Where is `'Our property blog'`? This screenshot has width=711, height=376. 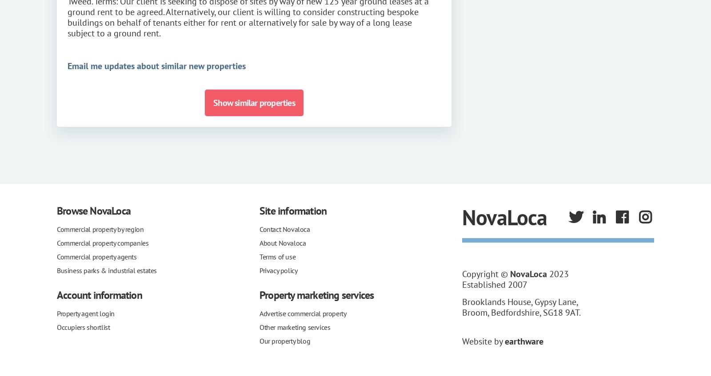 'Our property blog' is located at coordinates (284, 340).